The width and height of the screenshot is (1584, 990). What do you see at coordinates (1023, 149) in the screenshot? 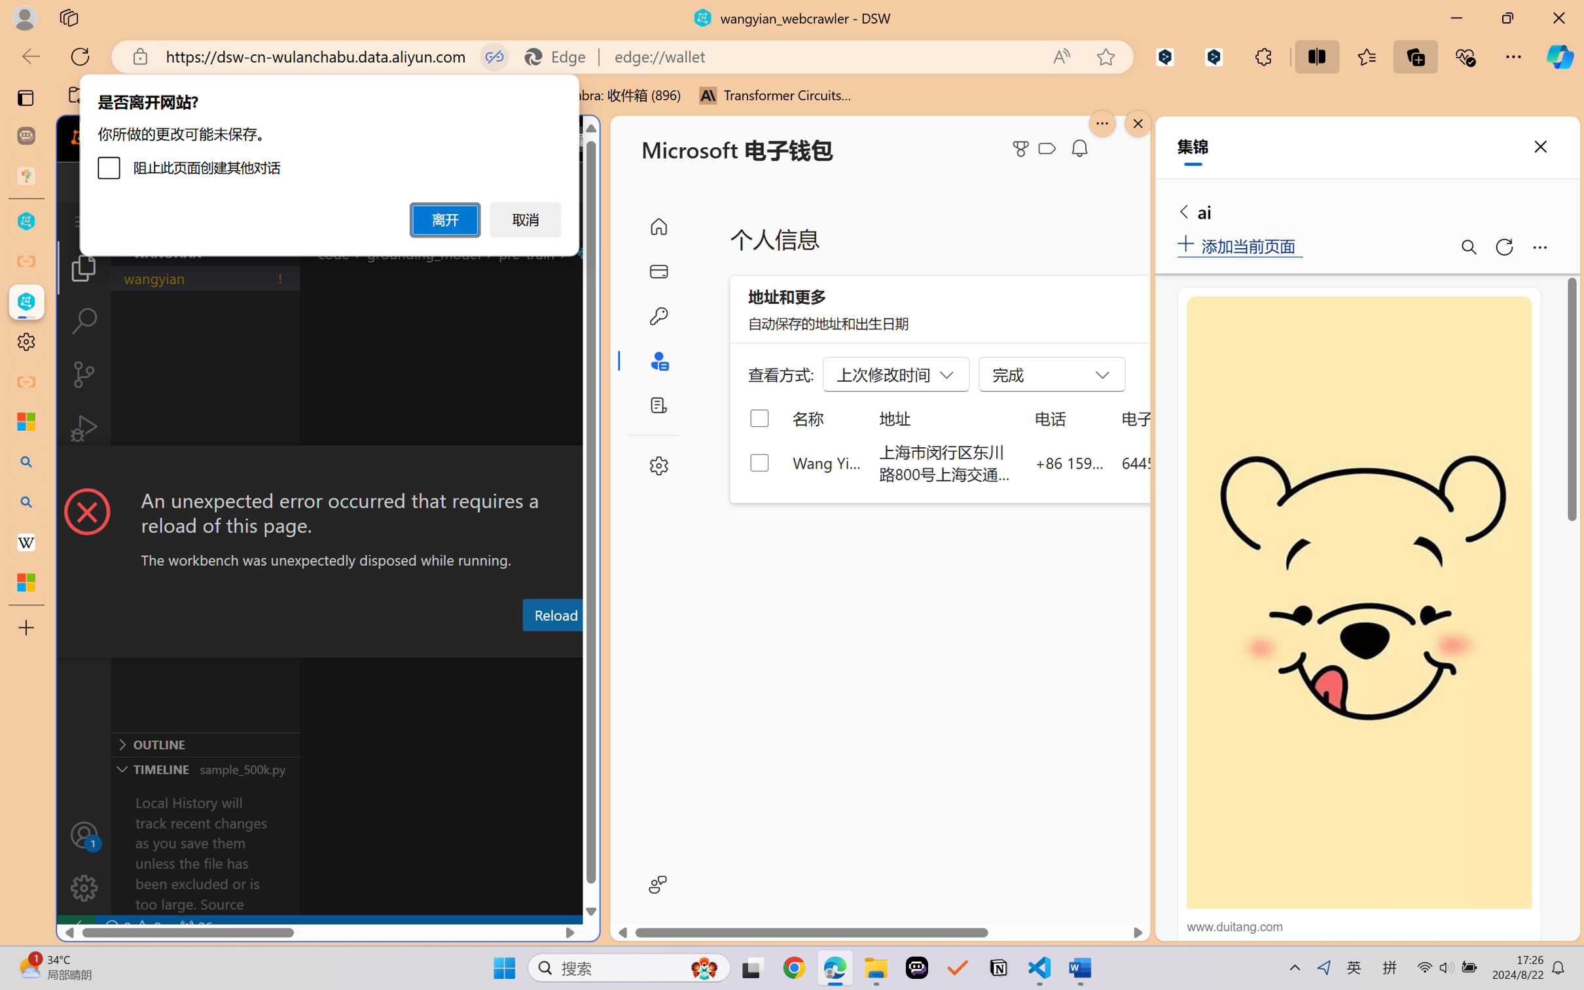
I see `'Microsoft Rewards'` at bounding box center [1023, 149].